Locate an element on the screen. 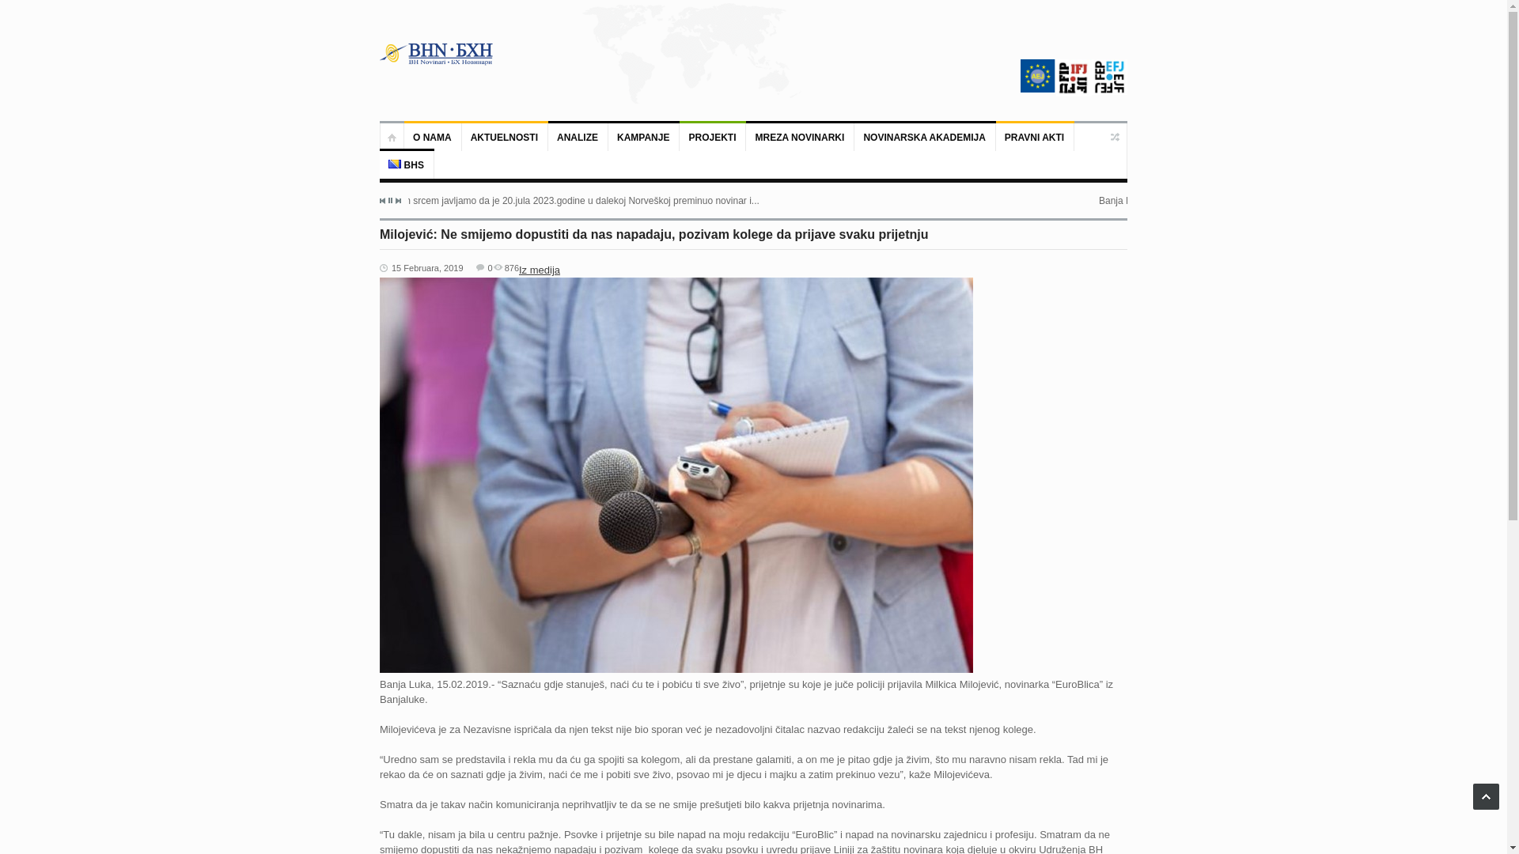 The image size is (1519, 854). 'Iz medija' is located at coordinates (539, 269).